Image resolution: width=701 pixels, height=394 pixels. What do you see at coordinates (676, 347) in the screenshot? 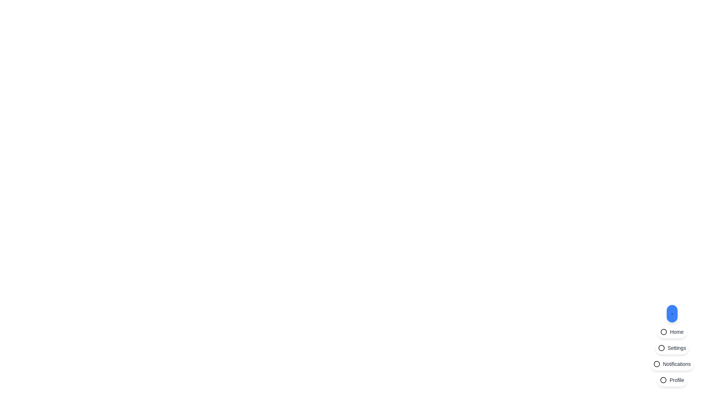
I see `the 'Settings' text label in the navigation menu, which is the second option in the vertically aligned list of options` at bounding box center [676, 347].